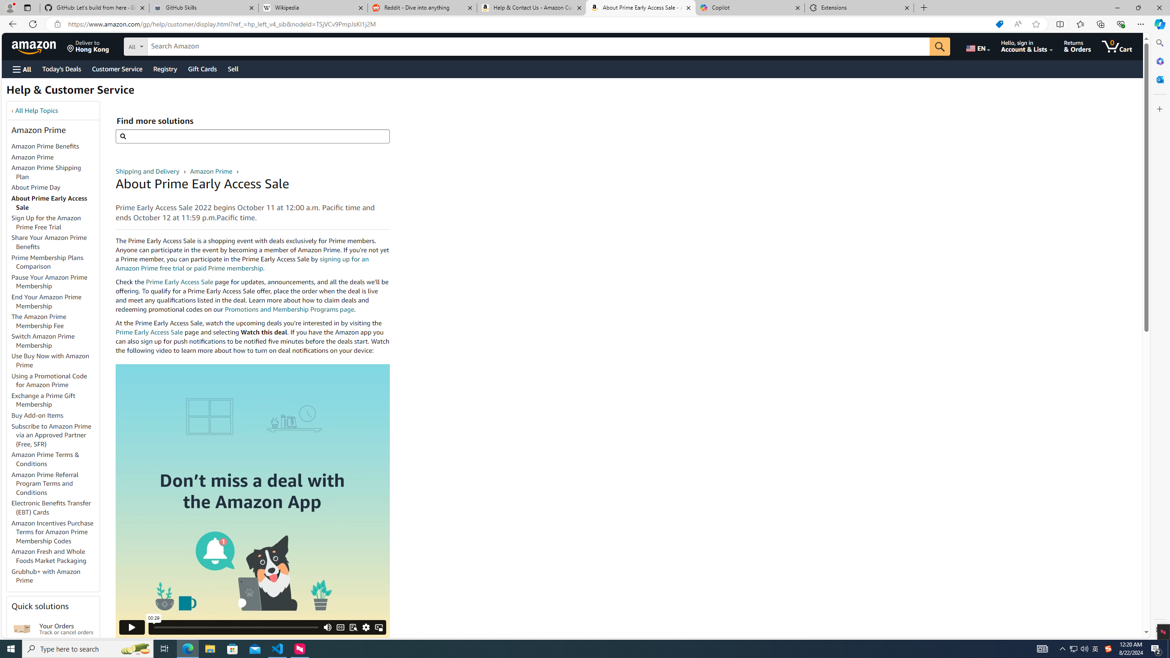  I want to click on 'Amazon Prime Terms & Conditions', so click(55, 459).